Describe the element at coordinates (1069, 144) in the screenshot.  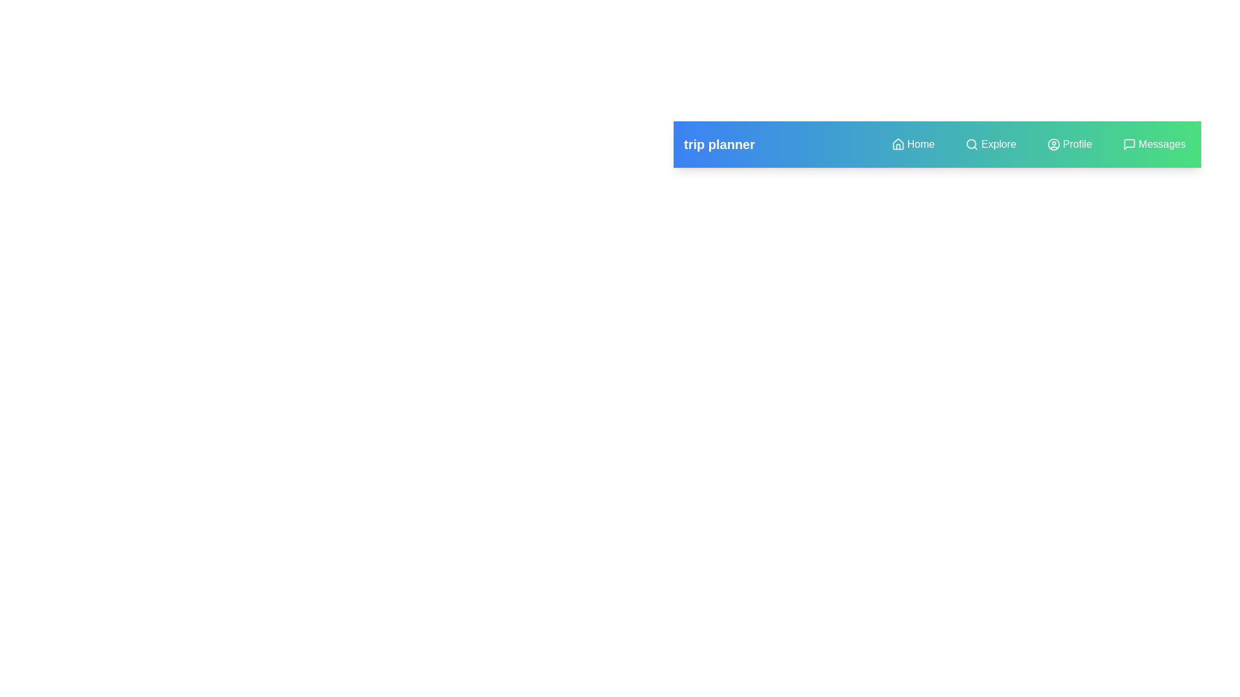
I see `the navigation menu item Profile to navigate to the respective section` at that location.